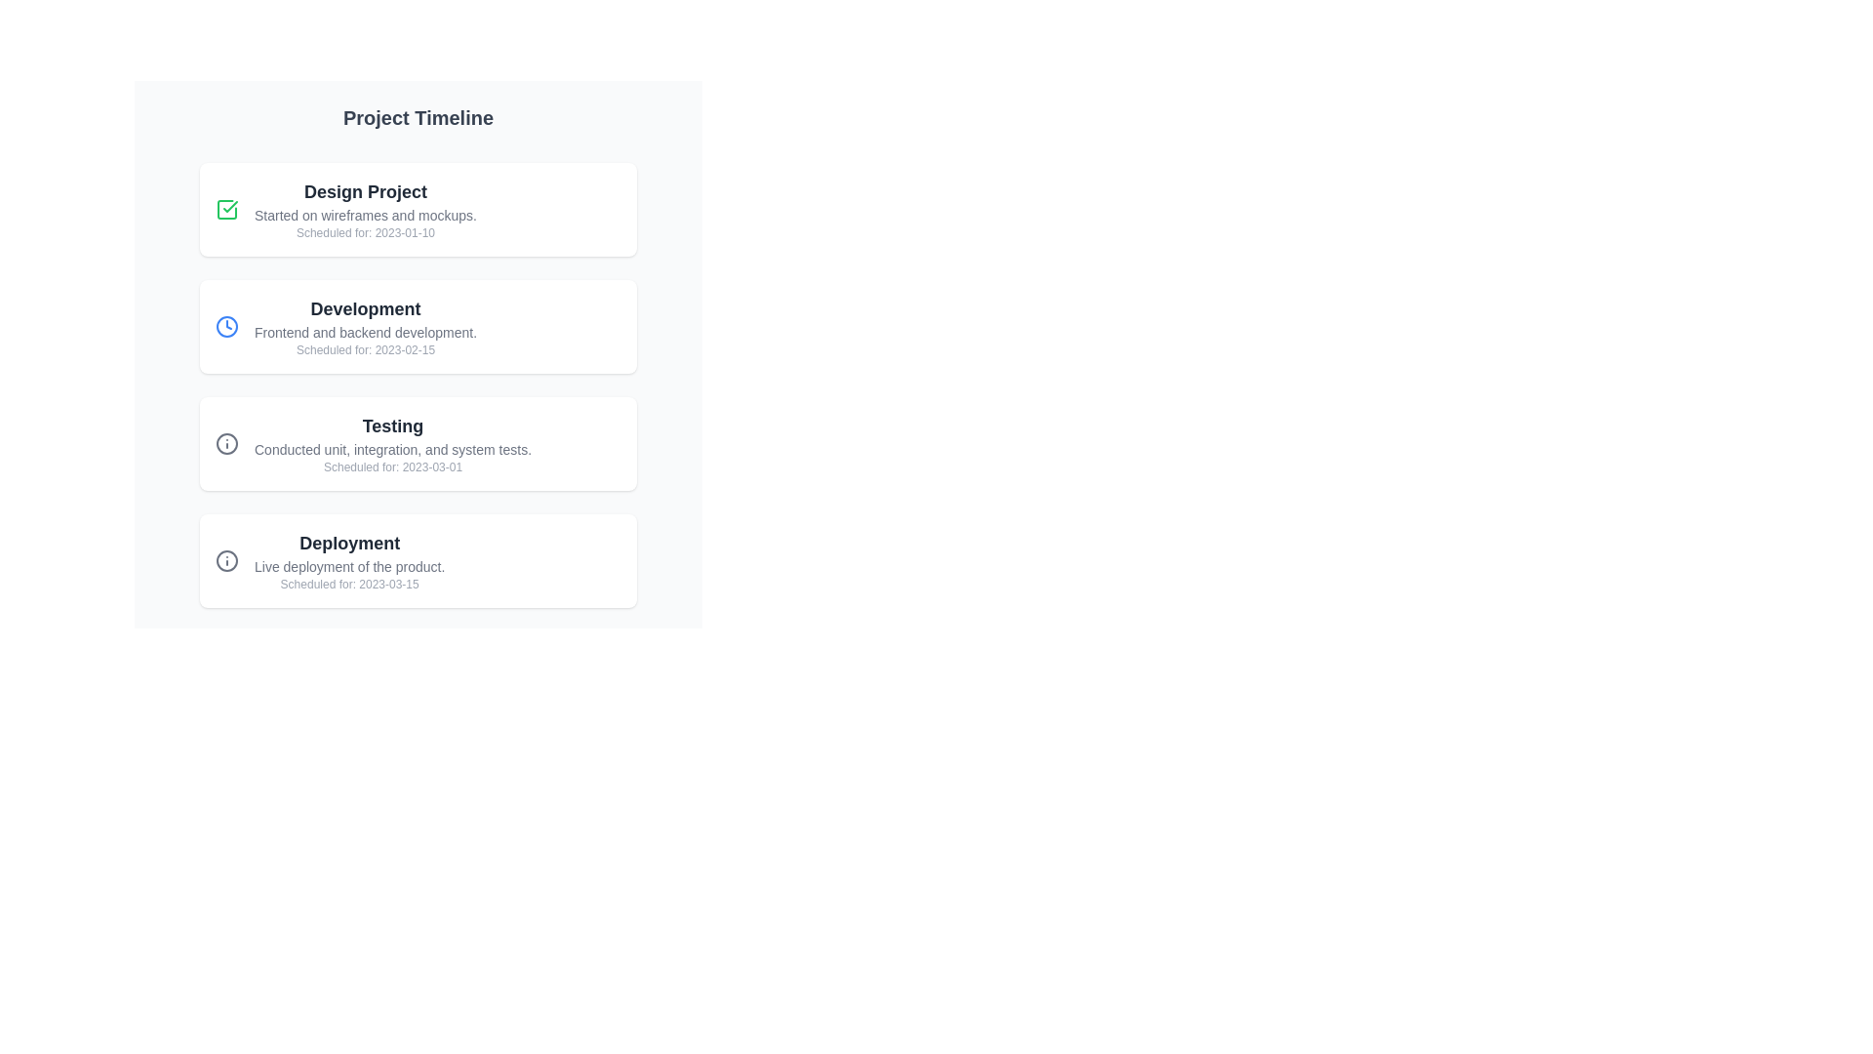 The width and height of the screenshot is (1873, 1054). What do you see at coordinates (417, 444) in the screenshot?
I see `the testing phase card in the project timeline` at bounding box center [417, 444].